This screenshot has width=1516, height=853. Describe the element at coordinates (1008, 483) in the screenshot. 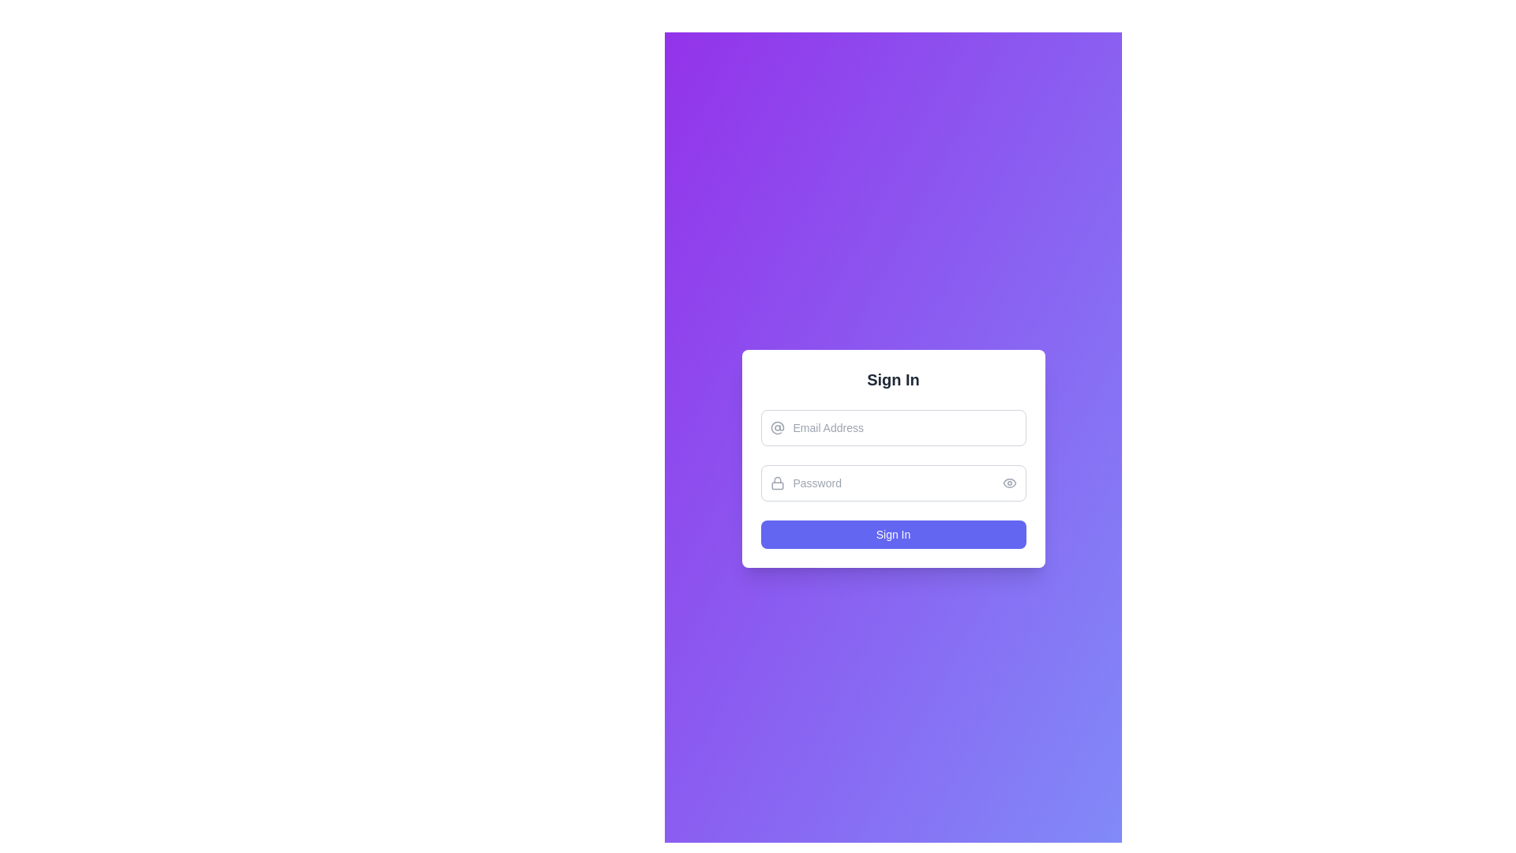

I see `the password visibility toggle button located to the right of the password input field, which allows users to check the typed password` at that location.